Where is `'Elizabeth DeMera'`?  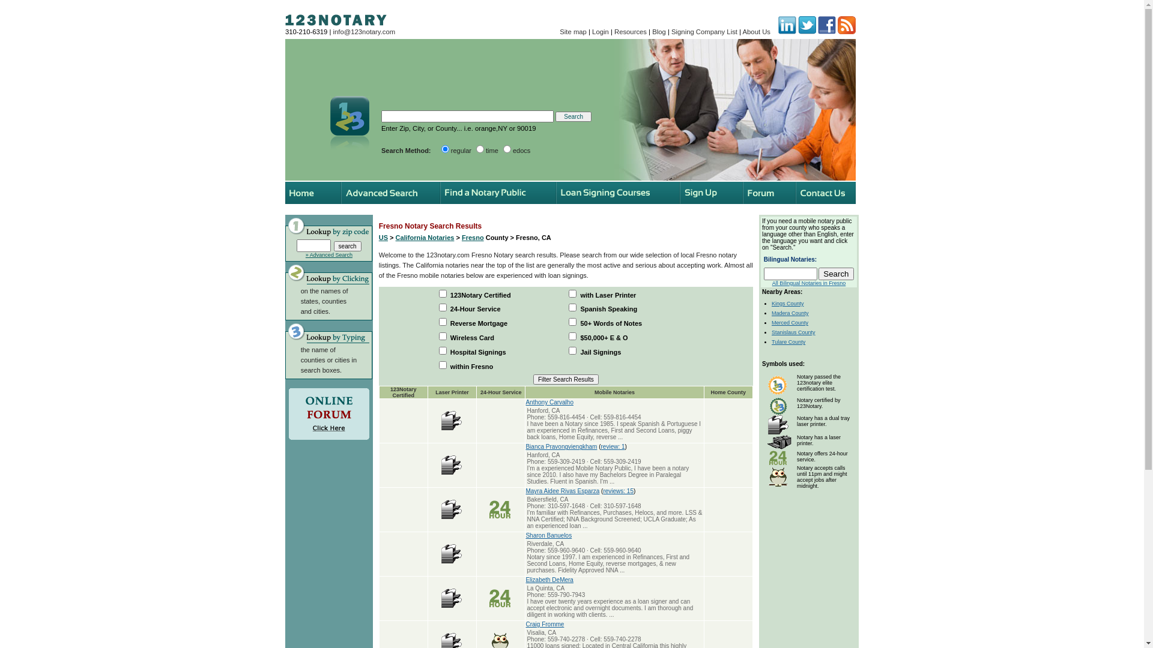 'Elizabeth DeMera' is located at coordinates (525, 579).